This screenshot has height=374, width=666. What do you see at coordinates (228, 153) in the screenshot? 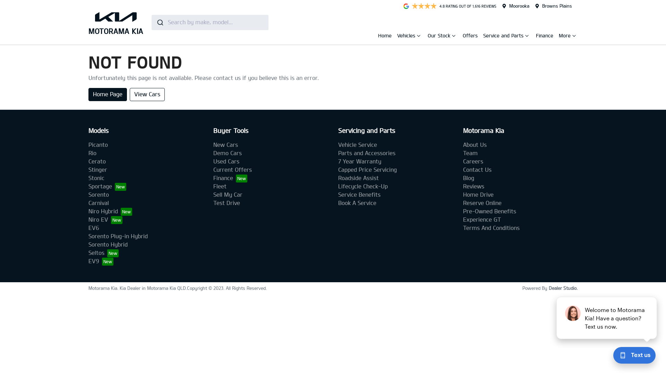
I see `'Demo Cars'` at bounding box center [228, 153].